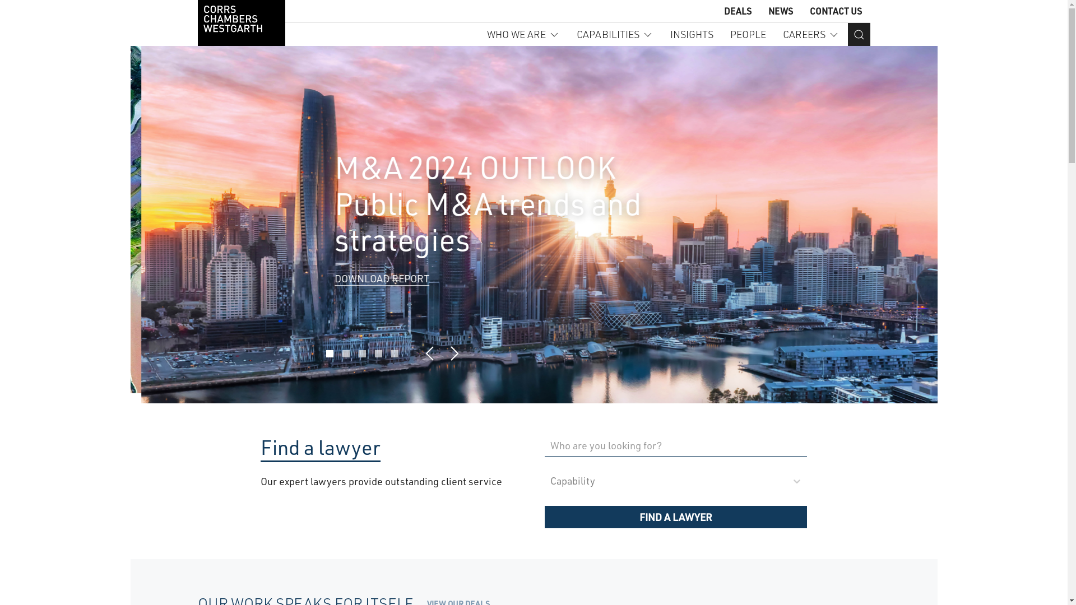 The width and height of the screenshot is (1076, 605). Describe the element at coordinates (691, 34) in the screenshot. I see `'INSIGHTS'` at that location.